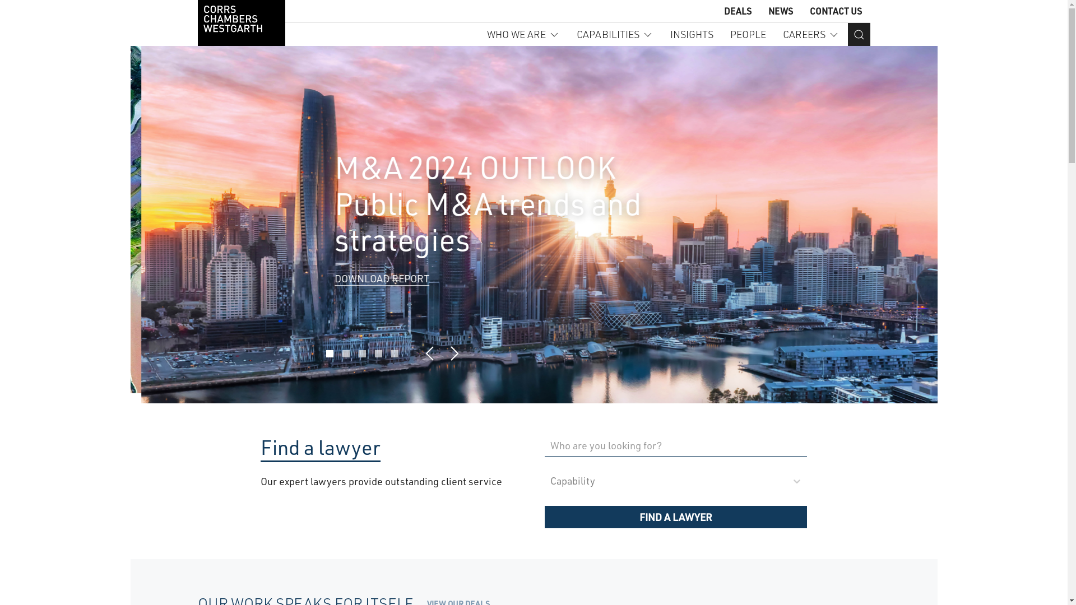 The width and height of the screenshot is (1076, 605). Describe the element at coordinates (691, 34) in the screenshot. I see `'INSIGHTS'` at that location.